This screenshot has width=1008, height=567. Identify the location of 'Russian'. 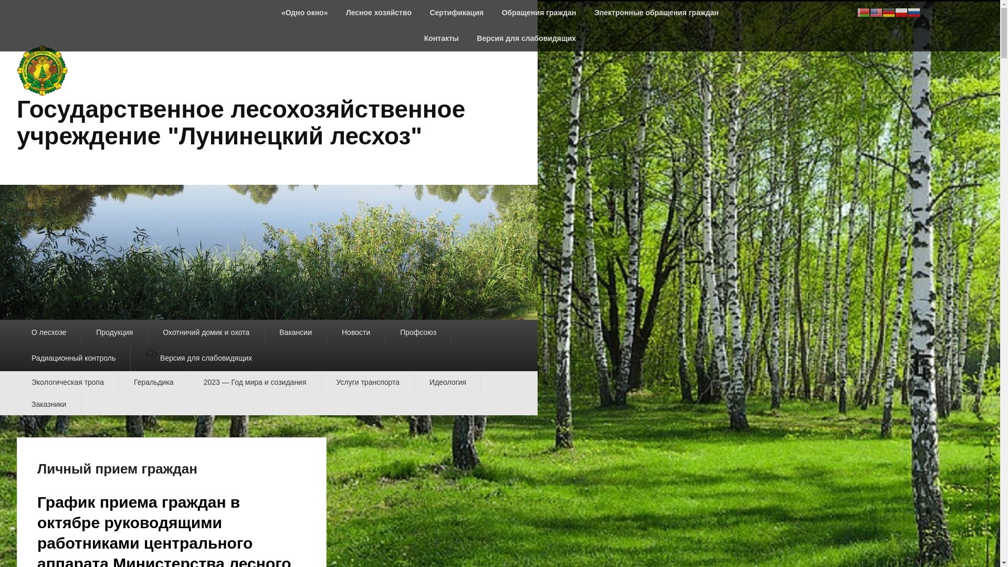
(913, 12).